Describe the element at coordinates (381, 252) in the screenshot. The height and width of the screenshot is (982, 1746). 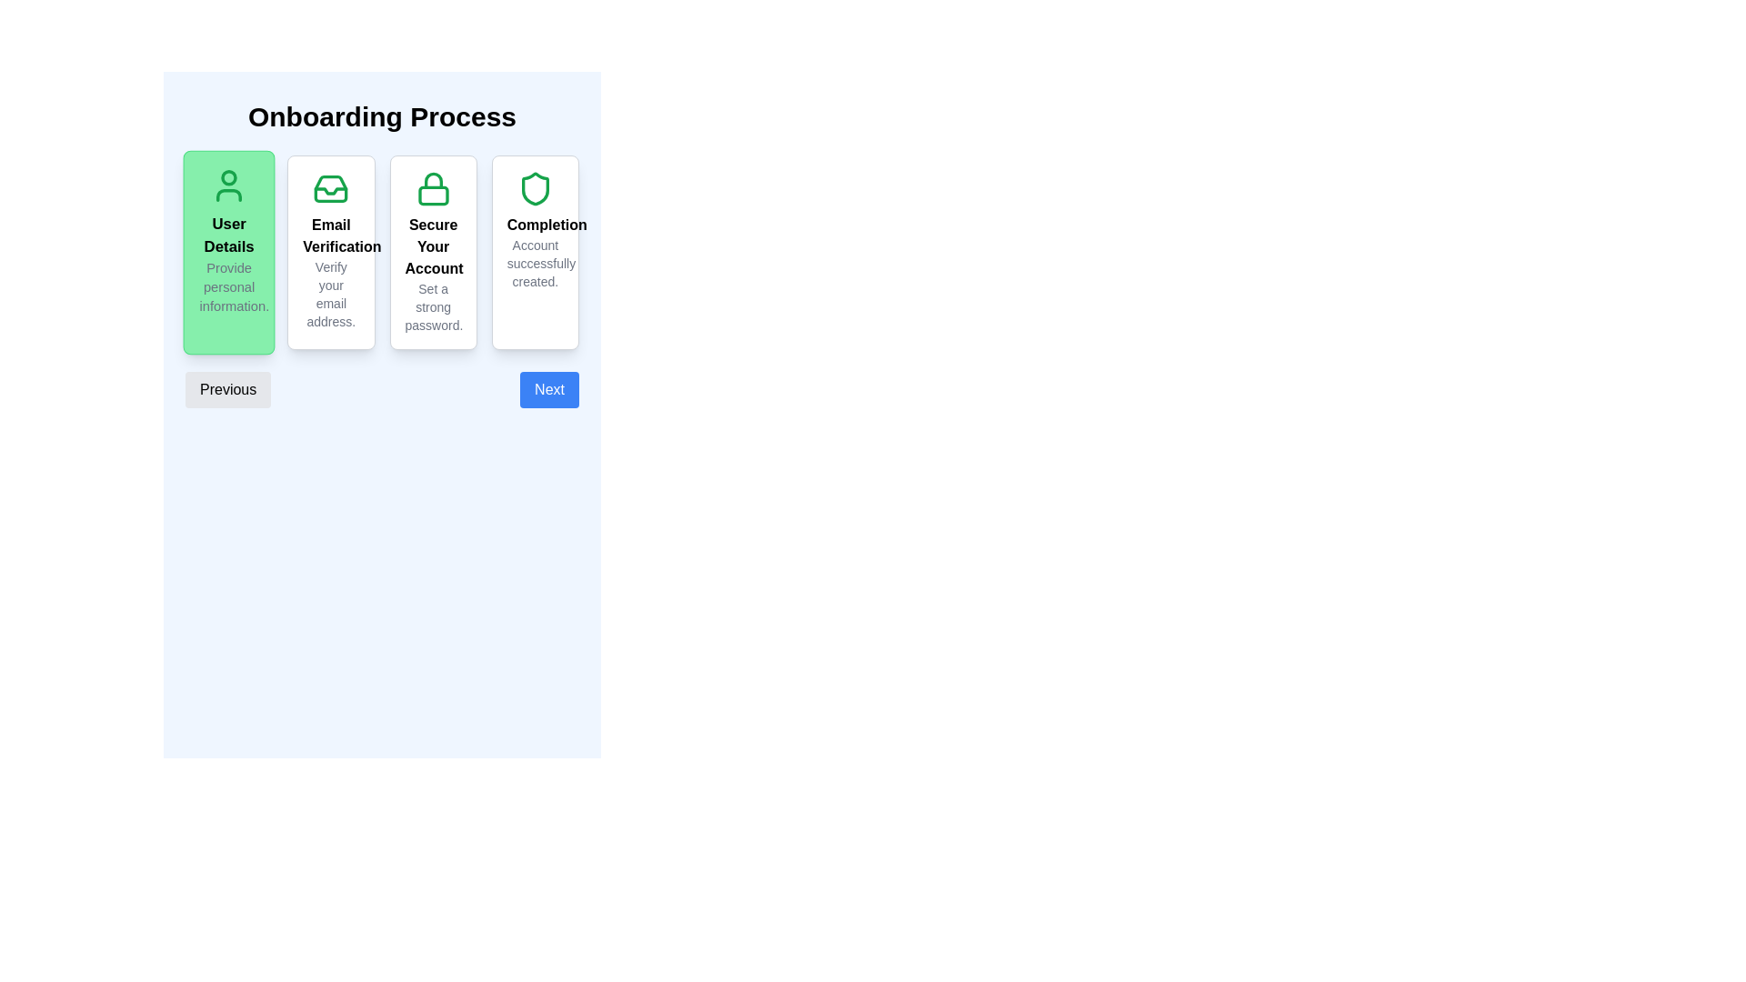
I see `the area around the second informational card in the onboarding process, which is positioned between the 'User Details' card and the 'Secure Your Account' card` at that location.